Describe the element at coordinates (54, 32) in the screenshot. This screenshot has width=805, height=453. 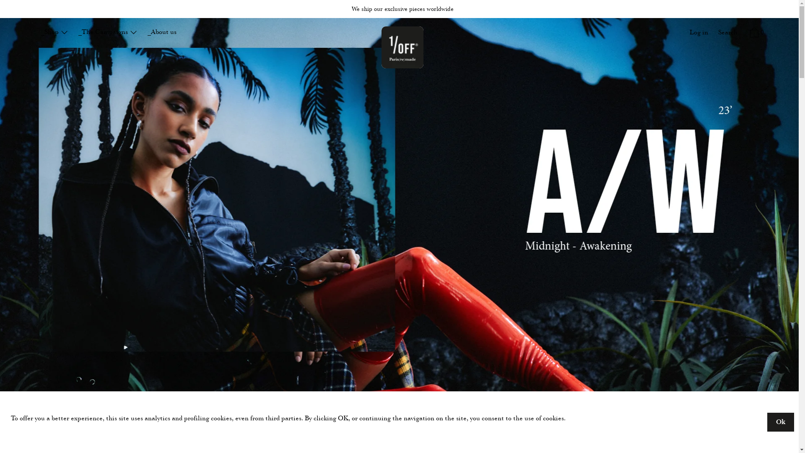
I see `'_Shop'` at that location.